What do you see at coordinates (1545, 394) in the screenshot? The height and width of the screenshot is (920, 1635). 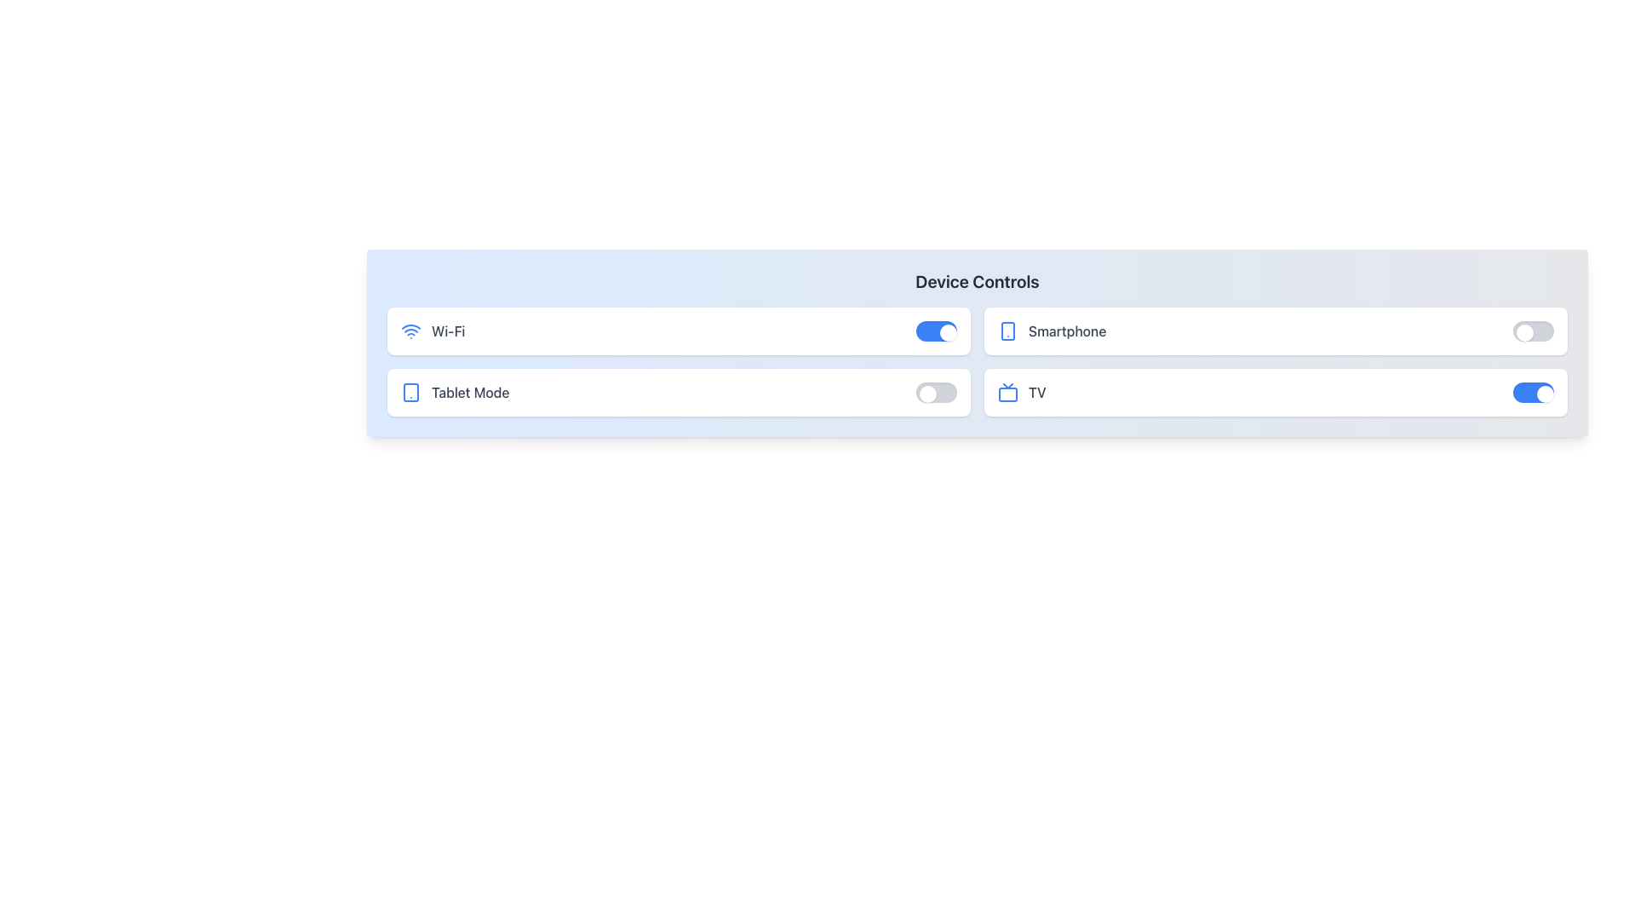 I see `the draggable handle of the toggle switch for the 'TV' device control, located at the lower right corner of the 'Device Controls' panel` at bounding box center [1545, 394].